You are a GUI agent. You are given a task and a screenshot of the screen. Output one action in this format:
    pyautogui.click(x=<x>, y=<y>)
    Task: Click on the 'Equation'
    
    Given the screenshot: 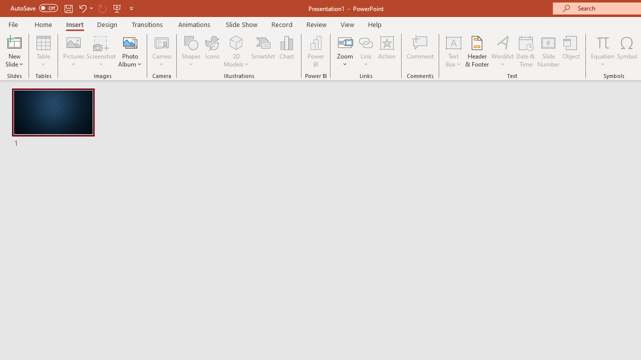 What is the action you would take?
    pyautogui.click(x=602, y=51)
    